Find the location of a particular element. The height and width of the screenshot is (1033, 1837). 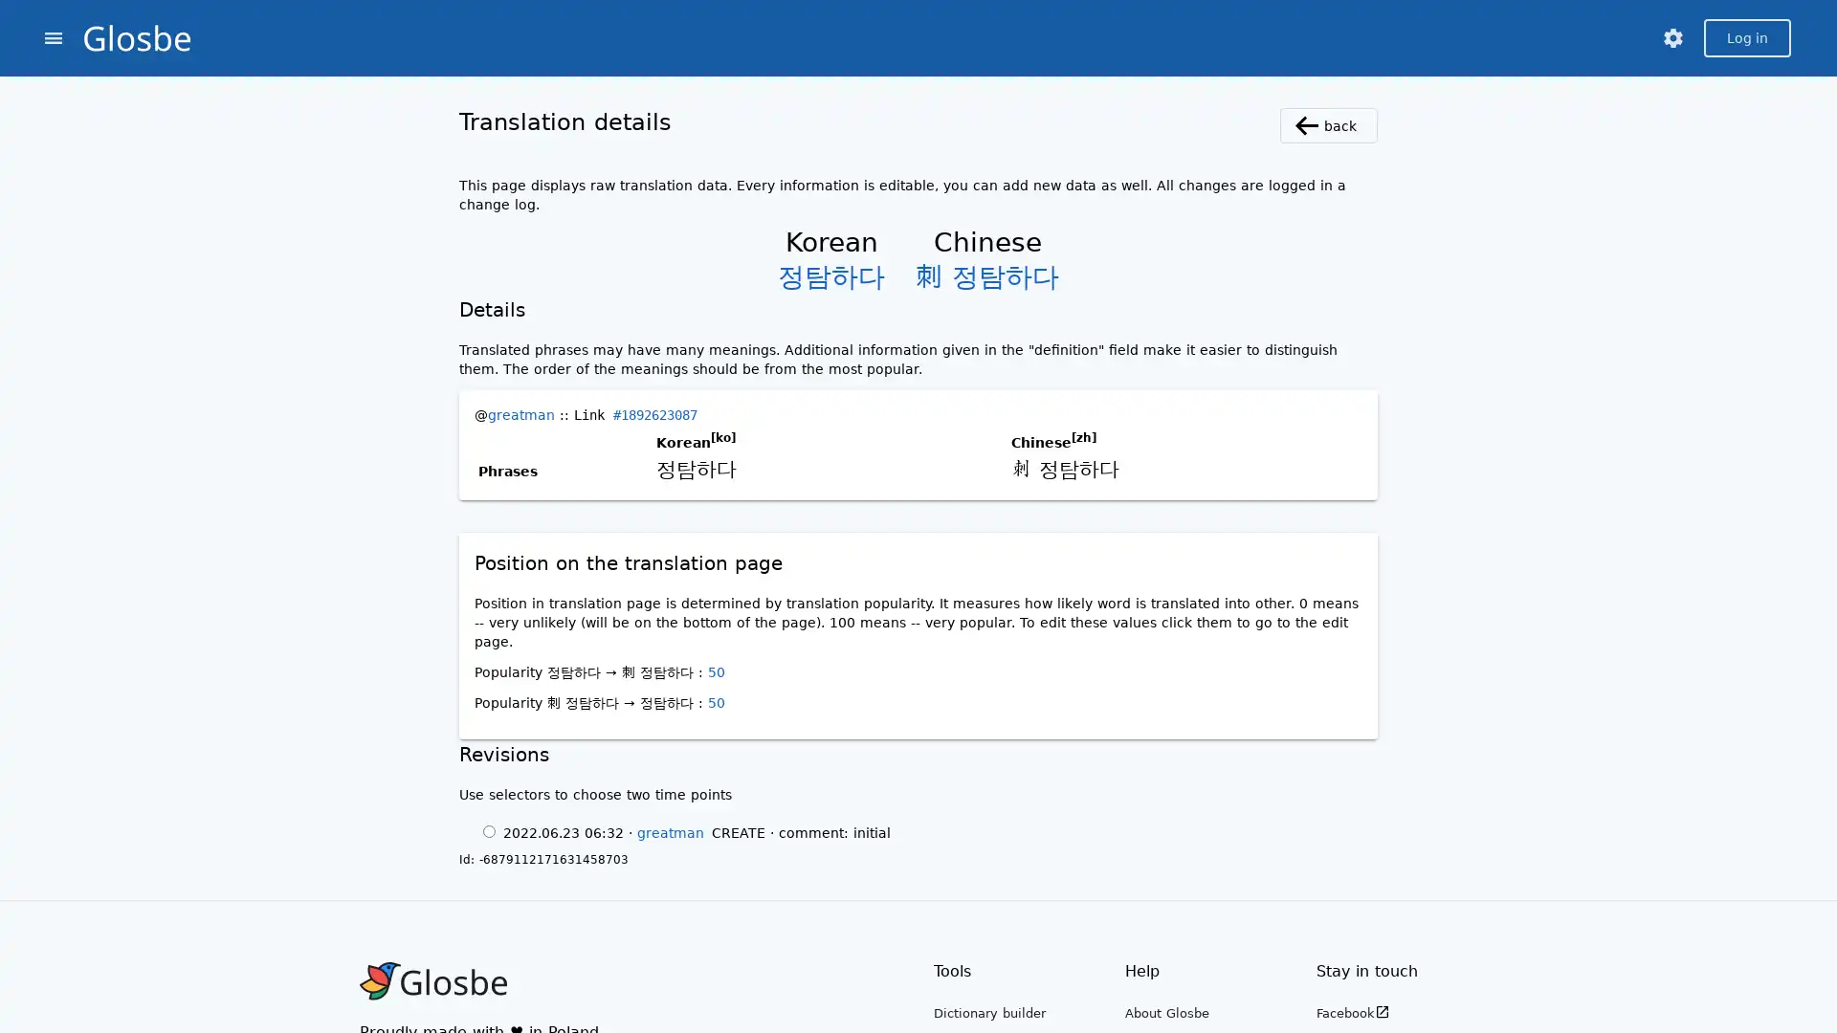

menu is located at coordinates (54, 37).